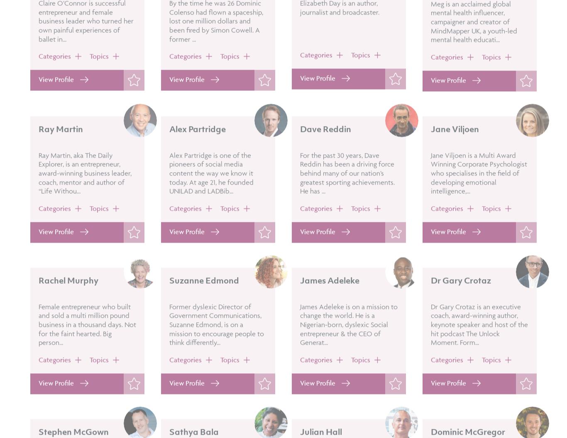 The image size is (567, 438). Describe the element at coordinates (347, 196) in the screenshot. I see `'For the past 30 years, Dave Reddin has been a driving force behind many of our nation’s greatest sporting achievements. He has ...'` at that location.